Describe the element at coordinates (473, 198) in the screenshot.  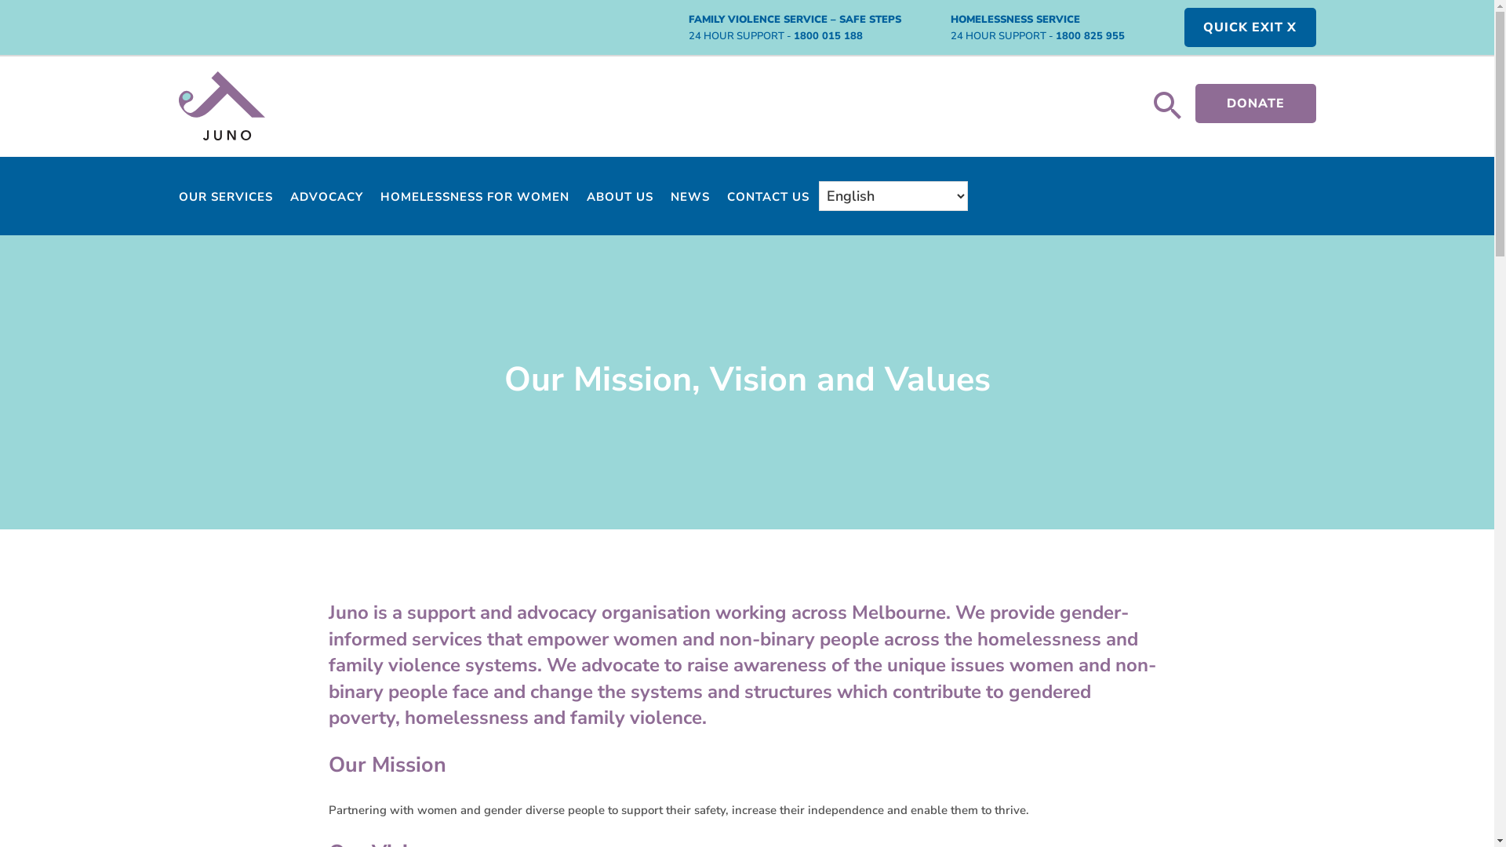
I see `'HOMELESSNESS FOR WOMEN'` at that location.